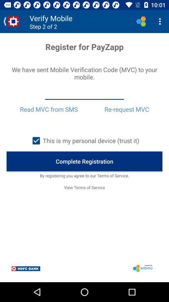 The width and height of the screenshot is (169, 302). I want to click on verification code, so click(84, 94).